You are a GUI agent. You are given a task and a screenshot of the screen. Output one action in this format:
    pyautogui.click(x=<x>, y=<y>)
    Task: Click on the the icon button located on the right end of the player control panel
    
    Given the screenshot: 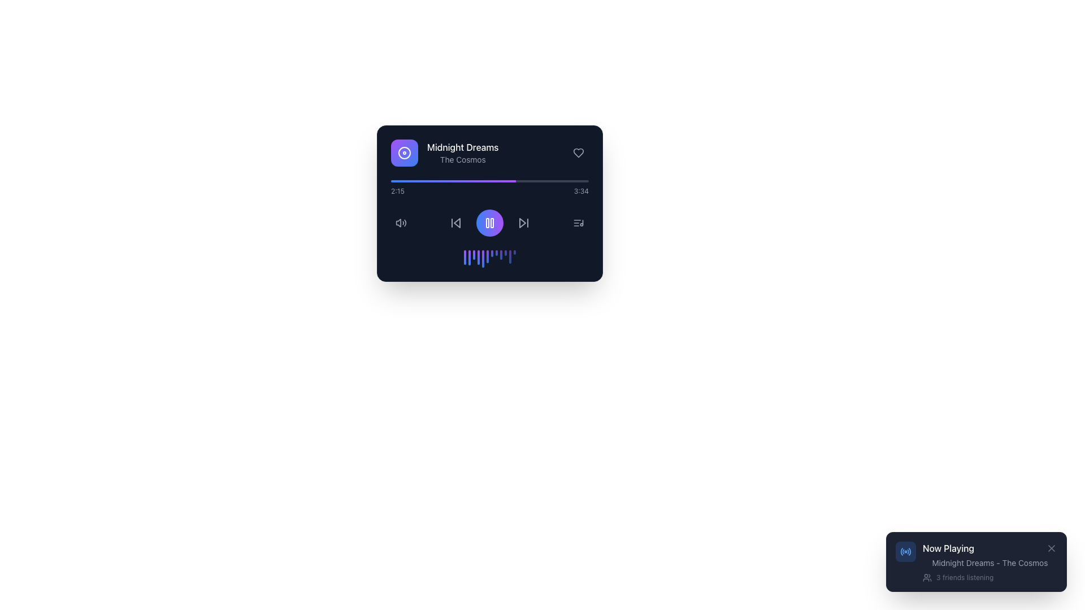 What is the action you would take?
    pyautogui.click(x=578, y=223)
    